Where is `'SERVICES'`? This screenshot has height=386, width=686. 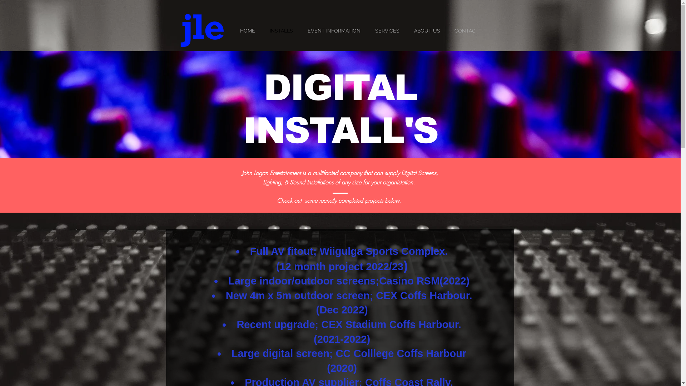 'SERVICES' is located at coordinates (387, 30).